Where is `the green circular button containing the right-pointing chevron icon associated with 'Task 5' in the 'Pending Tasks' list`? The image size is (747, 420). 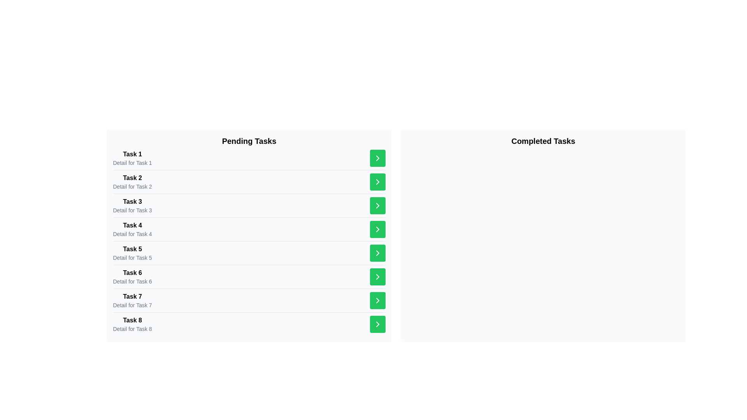 the green circular button containing the right-pointing chevron icon associated with 'Task 5' in the 'Pending Tasks' list is located at coordinates (377, 253).